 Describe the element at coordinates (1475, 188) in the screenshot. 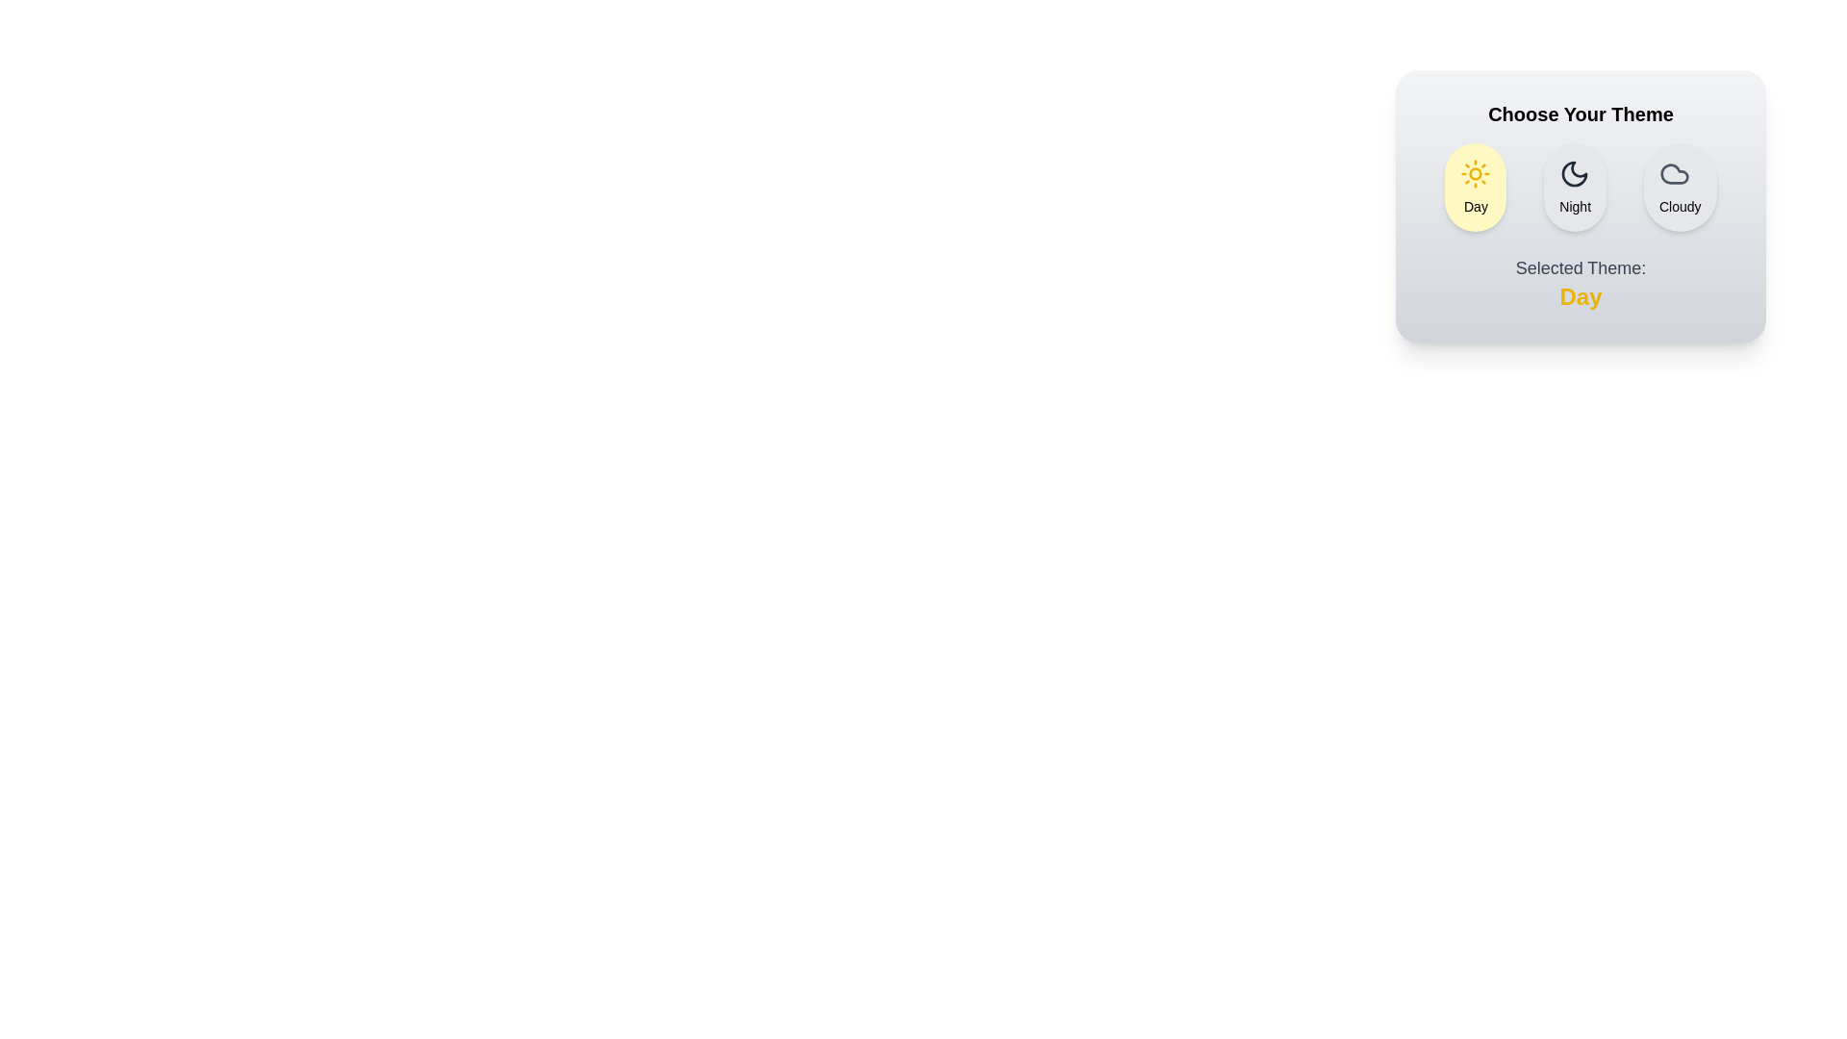

I see `the theme Day by clicking its corresponding button` at that location.